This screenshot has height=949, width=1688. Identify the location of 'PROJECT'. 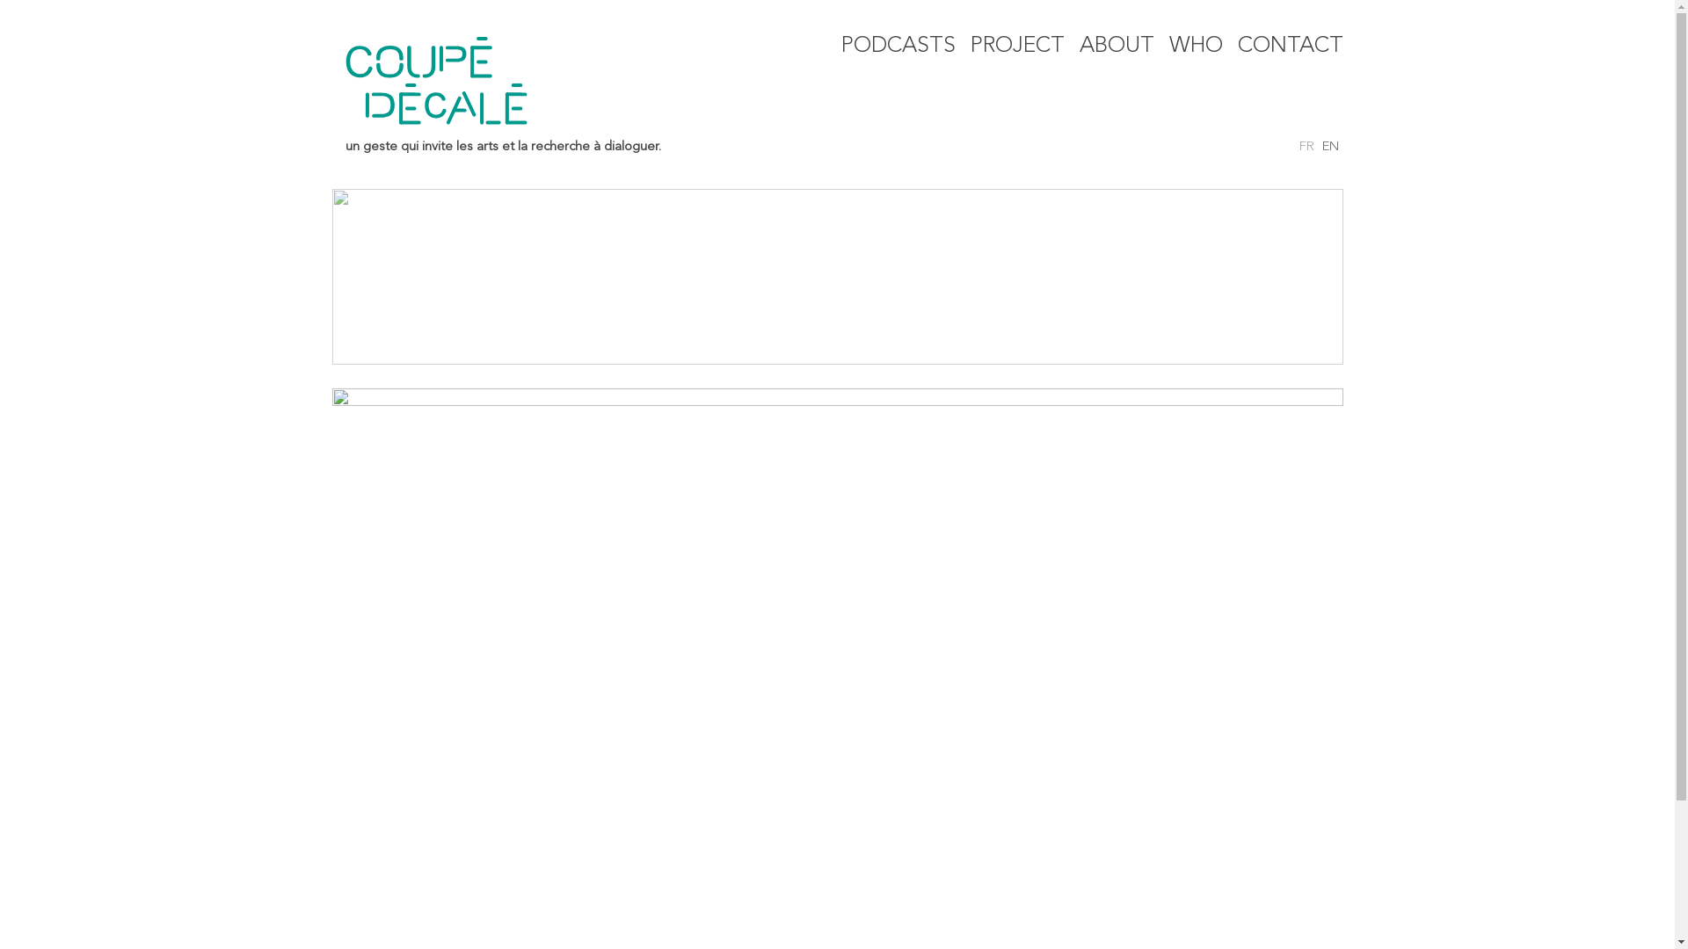
(970, 45).